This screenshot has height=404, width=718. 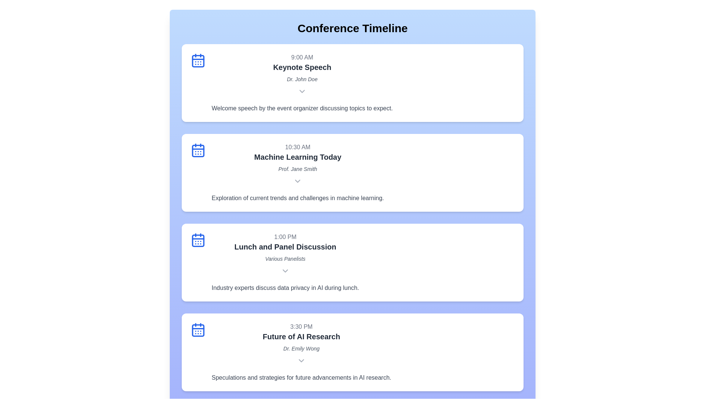 I want to click on the Chevron-Down icon located in the fourth card of the Conference Timeline page, which is displayed below Dr. Emily Wong's name and above the event's description, so click(x=301, y=361).